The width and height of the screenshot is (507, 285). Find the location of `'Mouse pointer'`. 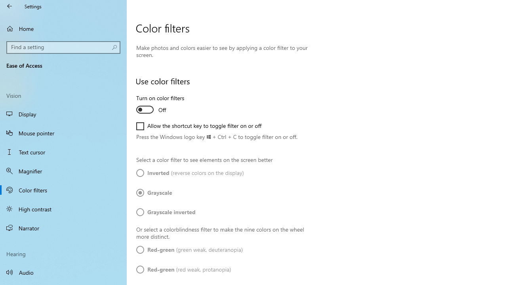

'Mouse pointer' is located at coordinates (63, 132).